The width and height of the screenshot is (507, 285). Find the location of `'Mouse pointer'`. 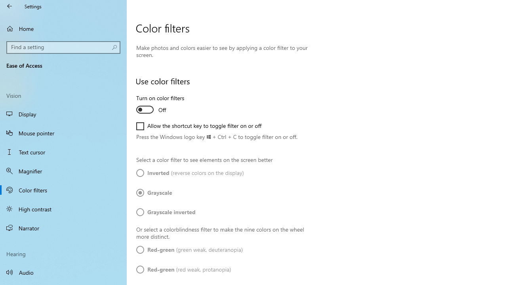

'Mouse pointer' is located at coordinates (63, 132).